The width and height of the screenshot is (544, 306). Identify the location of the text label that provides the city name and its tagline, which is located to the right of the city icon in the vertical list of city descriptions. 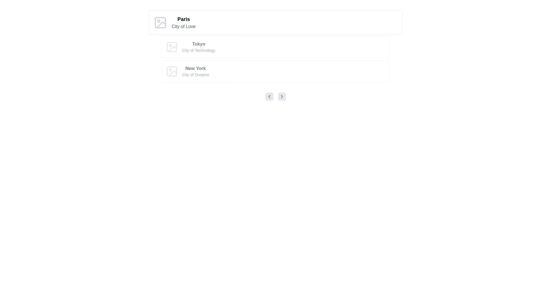
(184, 22).